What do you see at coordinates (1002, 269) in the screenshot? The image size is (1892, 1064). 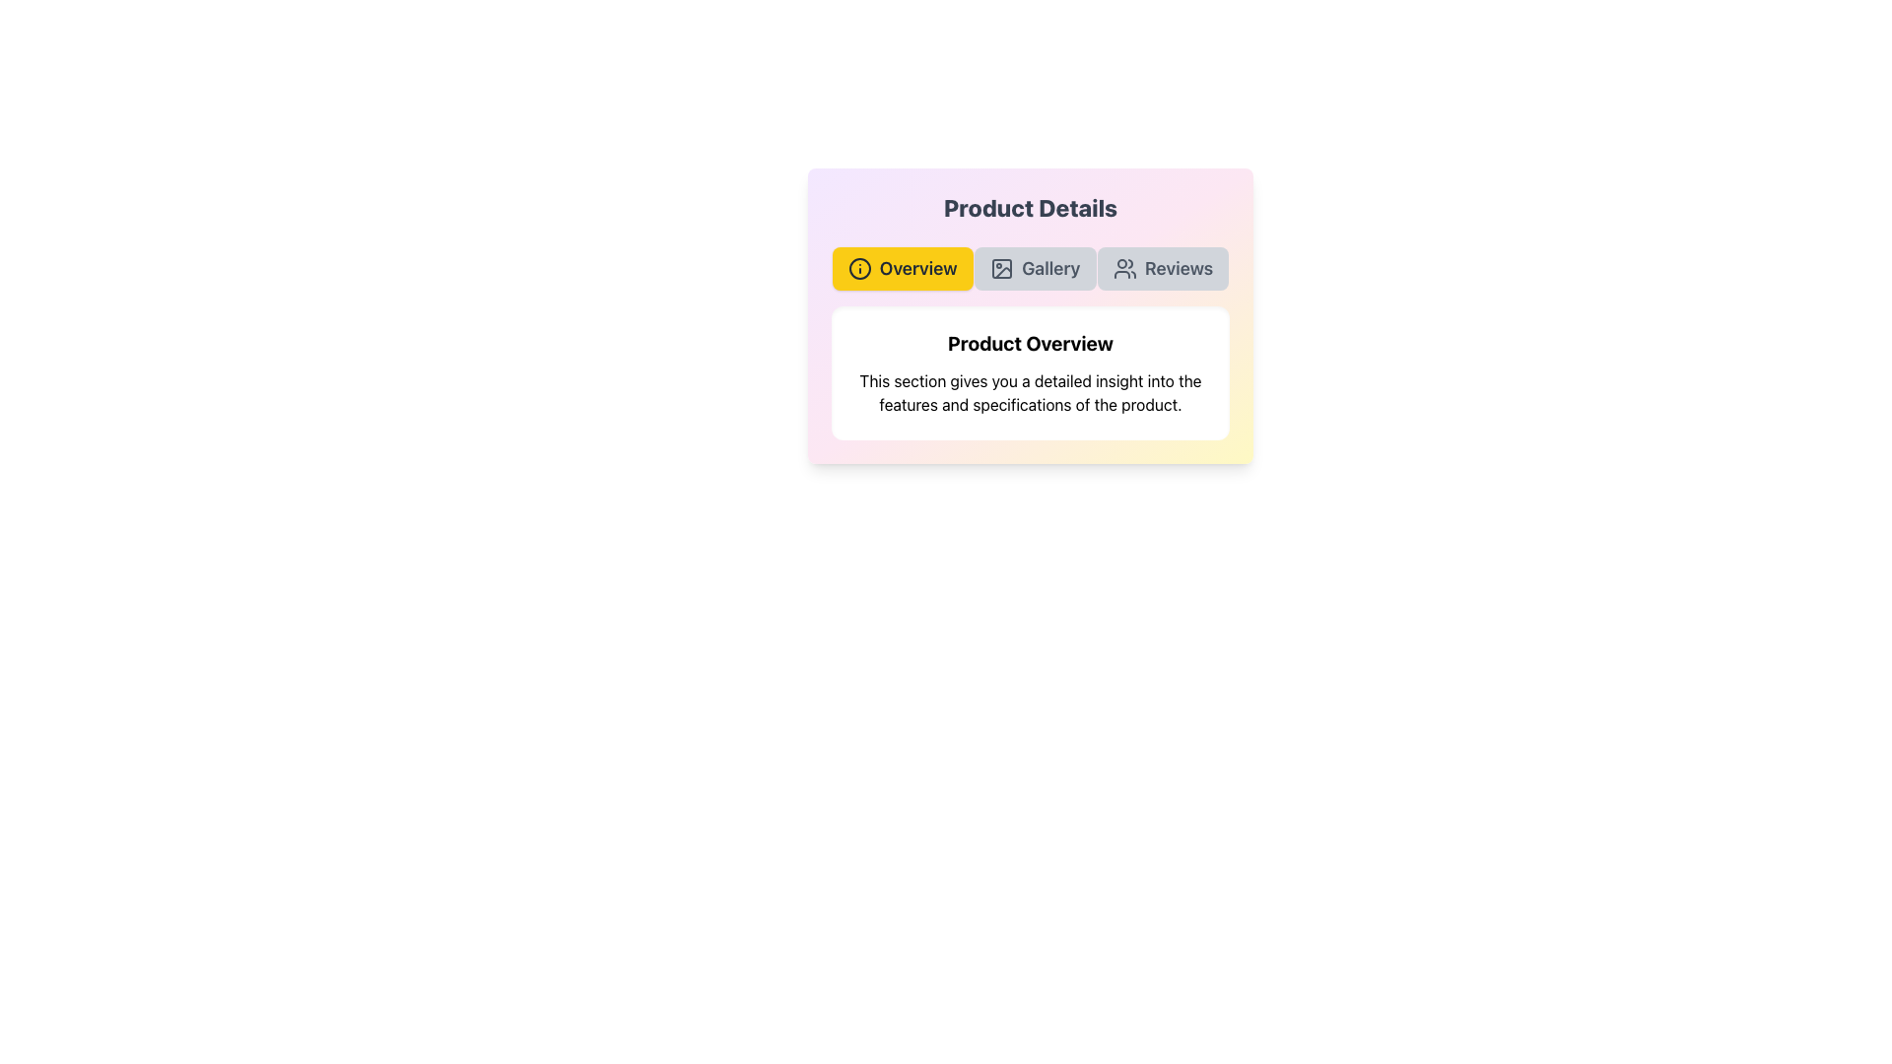 I see `the 'Gallery' icon located within the menu bar under 'Product Details'` at bounding box center [1002, 269].